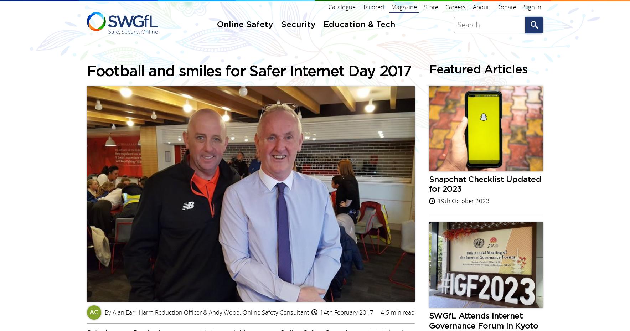 Image resolution: width=630 pixels, height=331 pixels. Describe the element at coordinates (155, 56) in the screenshot. I see `'Facebook'` at that location.